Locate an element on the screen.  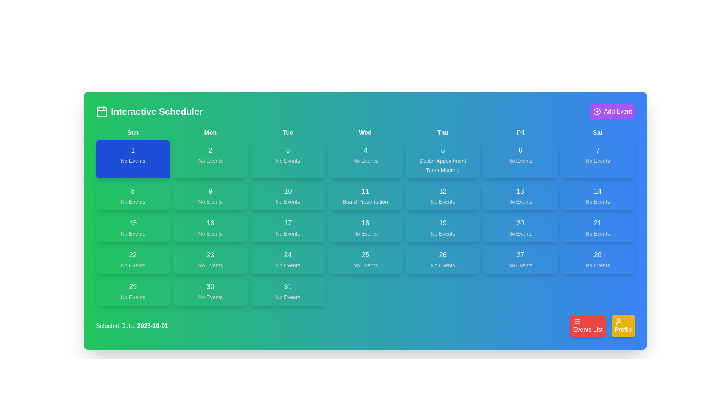
the button located at the bottom-right corner of the interface is located at coordinates (602, 325).